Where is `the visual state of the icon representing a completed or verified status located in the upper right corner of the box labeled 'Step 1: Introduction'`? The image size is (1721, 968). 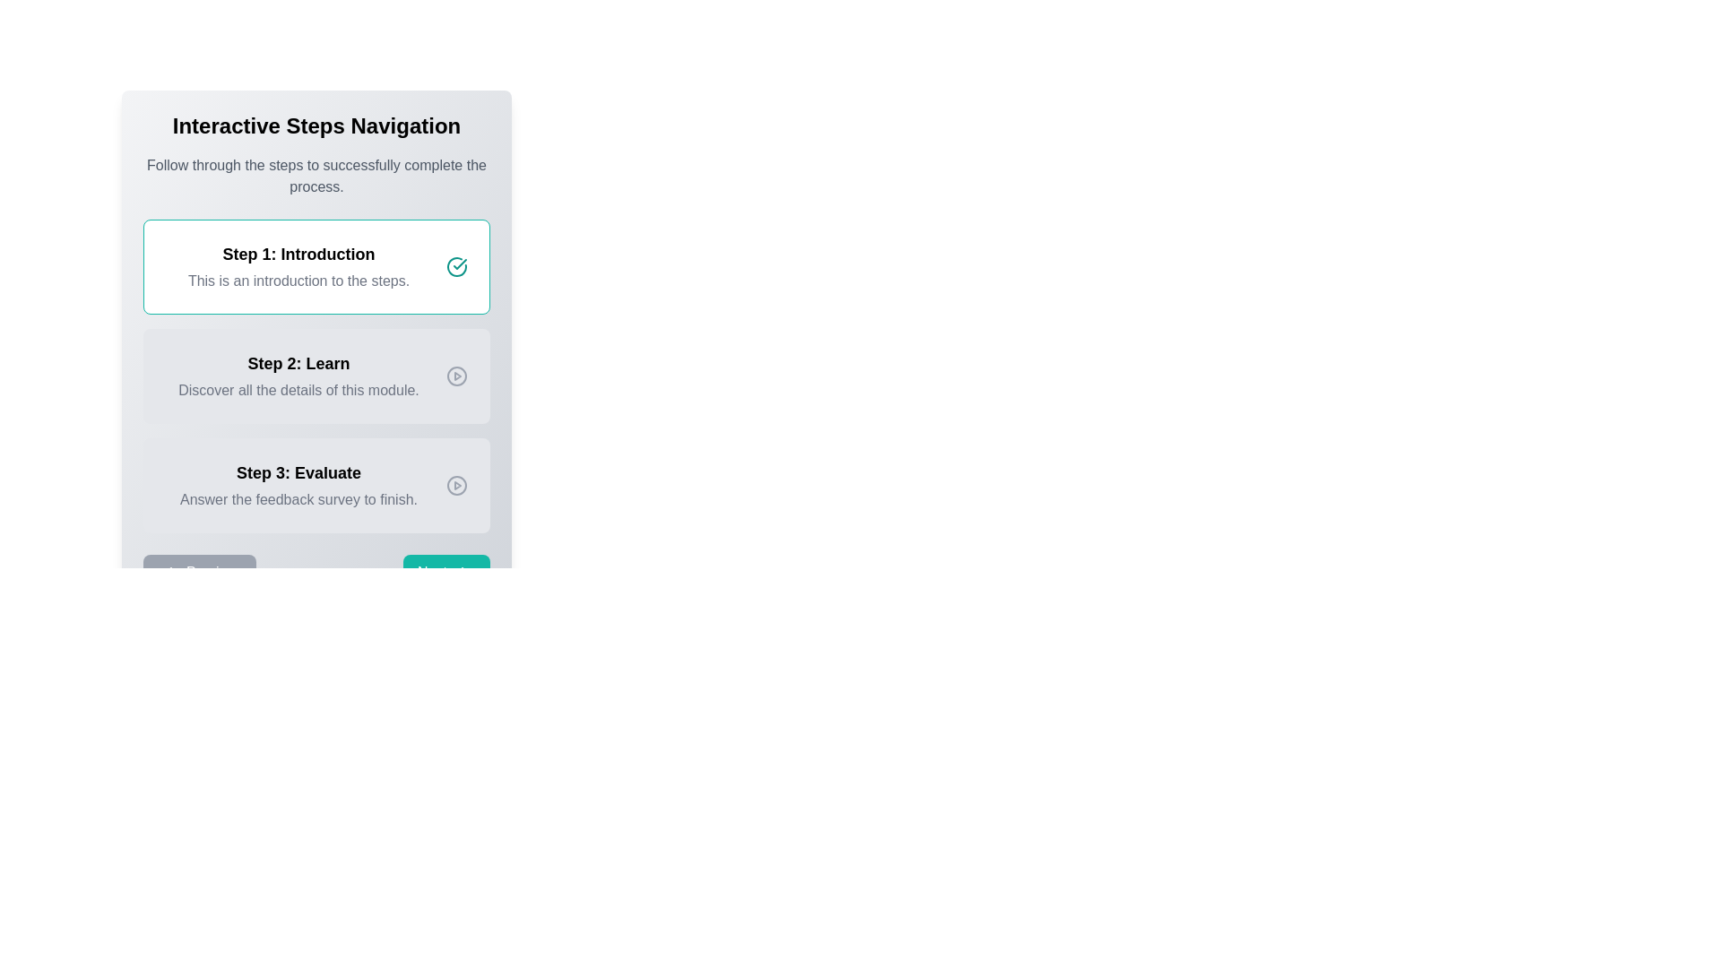
the visual state of the icon representing a completed or verified status located in the upper right corner of the box labeled 'Step 1: Introduction' is located at coordinates (456, 266).